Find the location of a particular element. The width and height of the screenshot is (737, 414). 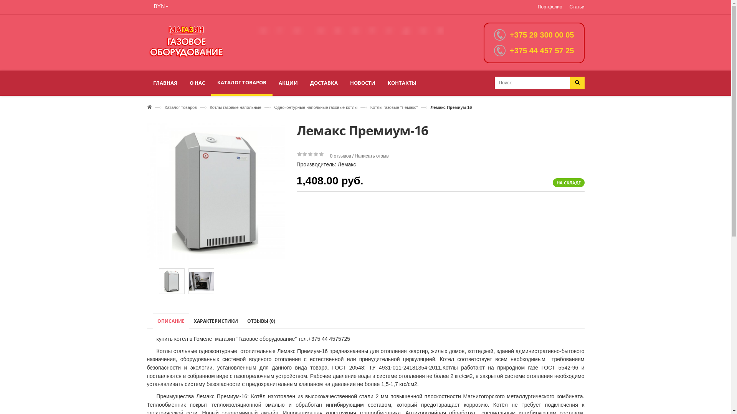

'BYN' is located at coordinates (160, 6).